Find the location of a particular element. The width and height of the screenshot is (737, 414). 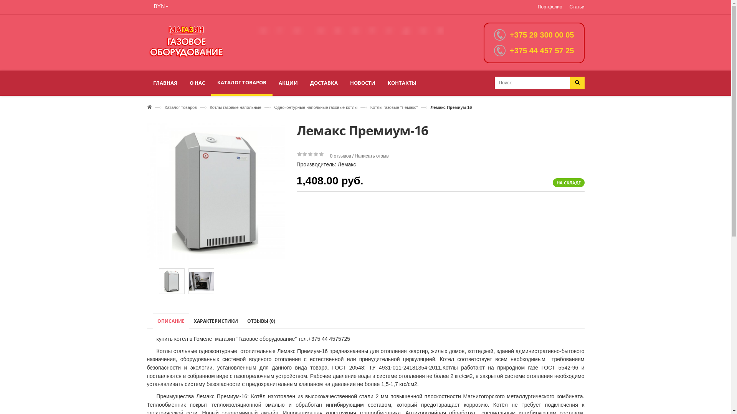

'BYN' is located at coordinates (160, 6).